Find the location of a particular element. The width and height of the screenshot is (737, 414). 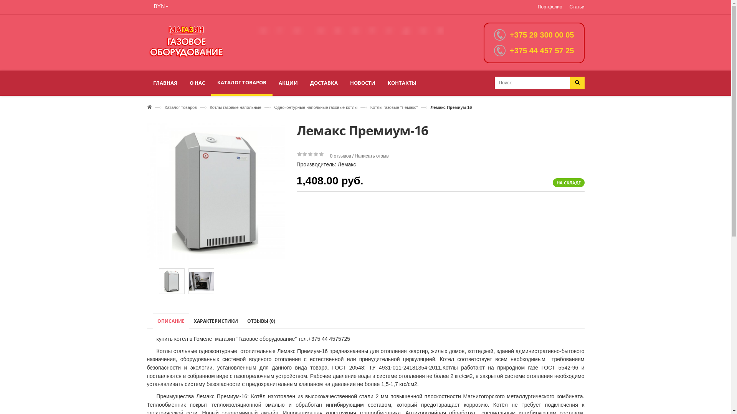

'BYN' is located at coordinates (160, 6).